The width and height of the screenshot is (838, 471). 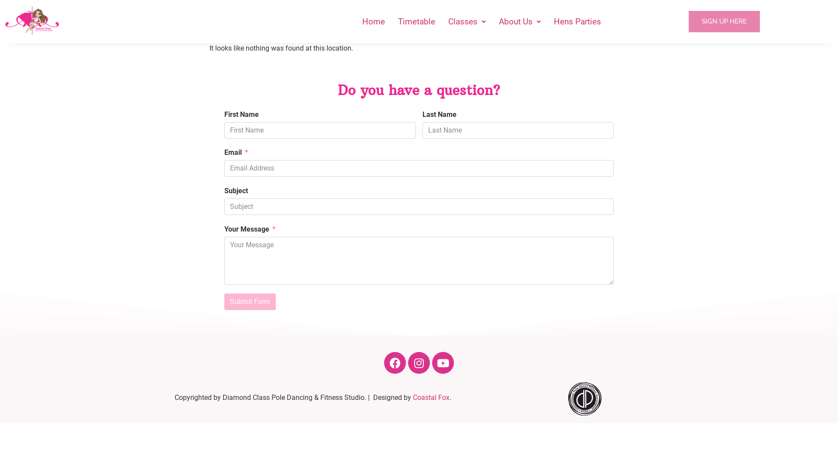 What do you see at coordinates (492, 21) in the screenshot?
I see `'About Us'` at bounding box center [492, 21].